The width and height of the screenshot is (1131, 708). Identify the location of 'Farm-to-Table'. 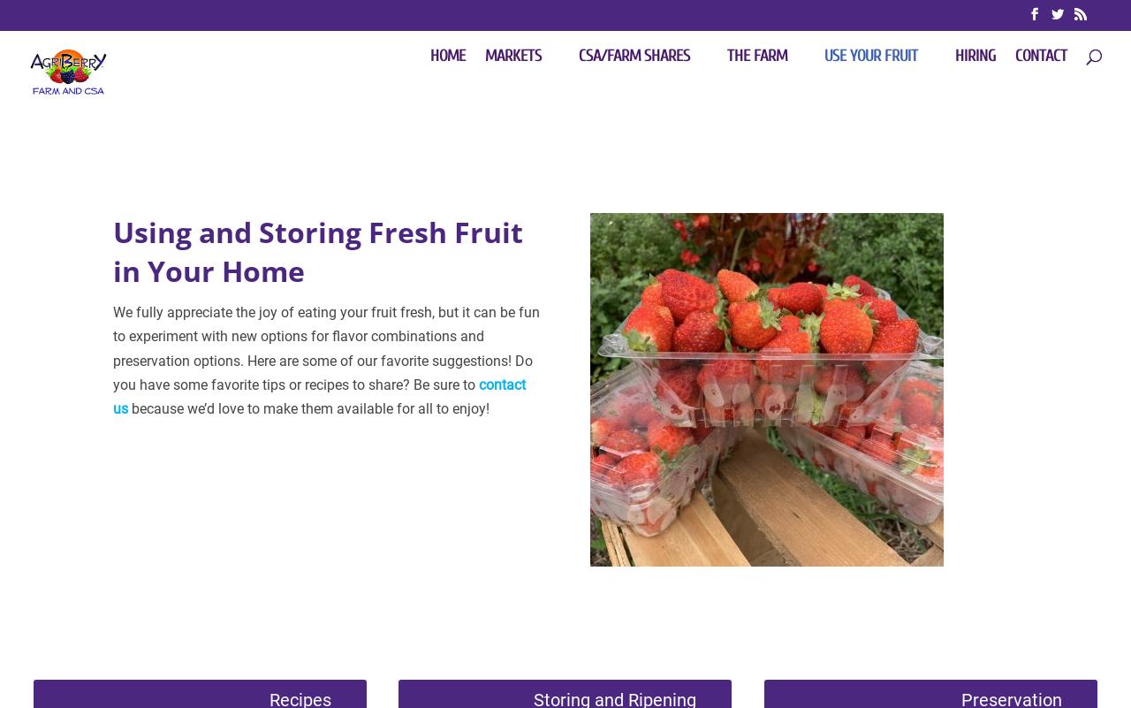
(566, 290).